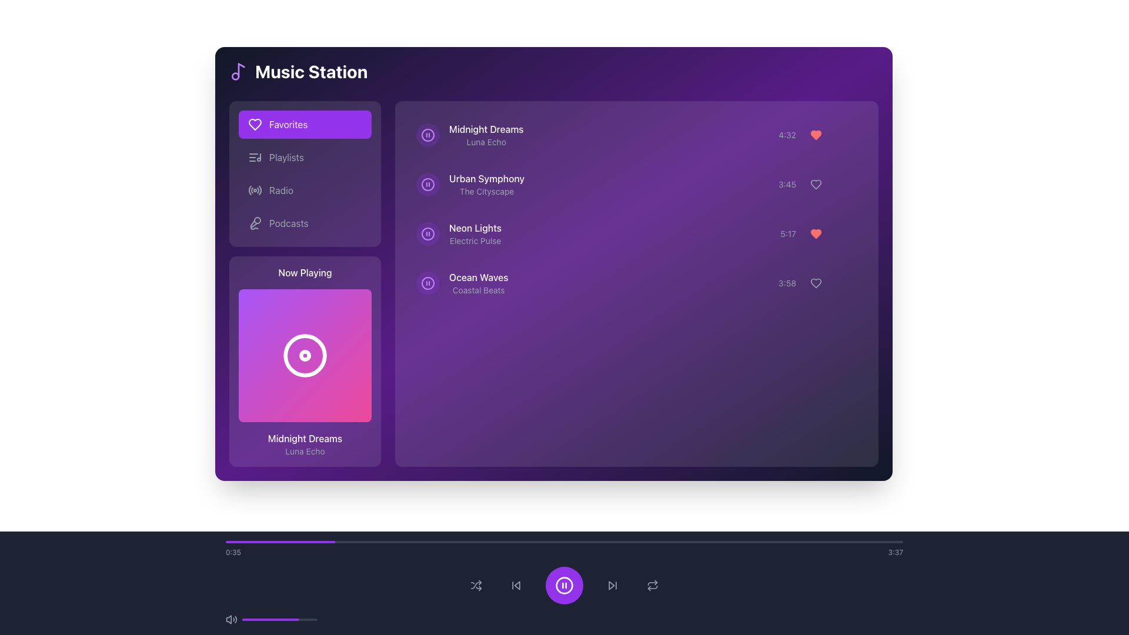 The image size is (1129, 635). I want to click on the circular red icon resembling a radio wave located in the left navigation menu under 'Favorites' and 'Playlists', so click(254, 190).